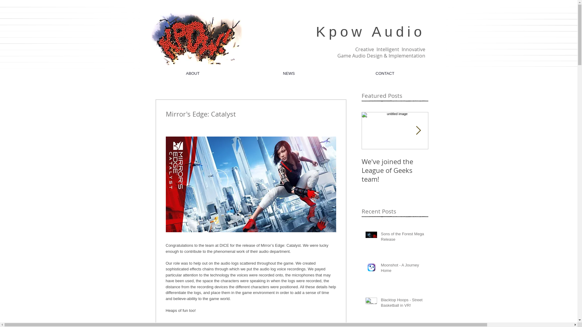  I want to click on 'Kpow Audio - Sound for Games Logo', so click(197, 38).